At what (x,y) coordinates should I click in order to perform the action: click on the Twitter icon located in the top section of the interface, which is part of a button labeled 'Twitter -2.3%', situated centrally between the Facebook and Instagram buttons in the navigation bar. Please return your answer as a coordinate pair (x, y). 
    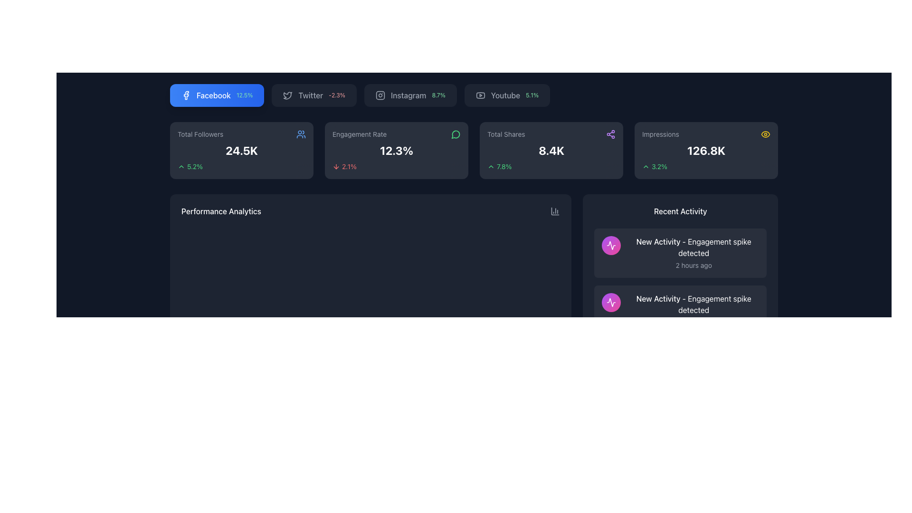
    Looking at the image, I should click on (287, 95).